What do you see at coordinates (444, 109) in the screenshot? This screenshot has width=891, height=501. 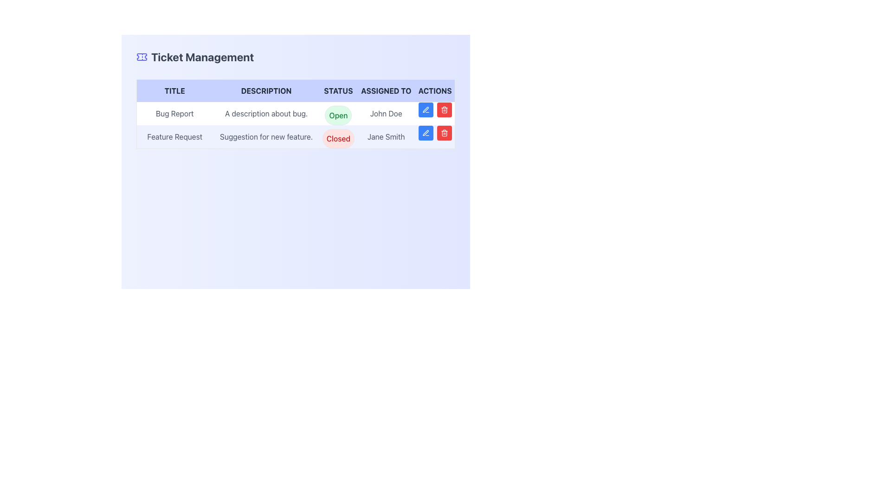 I see `the delete button located in the second row of the table in the 'Actions' column` at bounding box center [444, 109].